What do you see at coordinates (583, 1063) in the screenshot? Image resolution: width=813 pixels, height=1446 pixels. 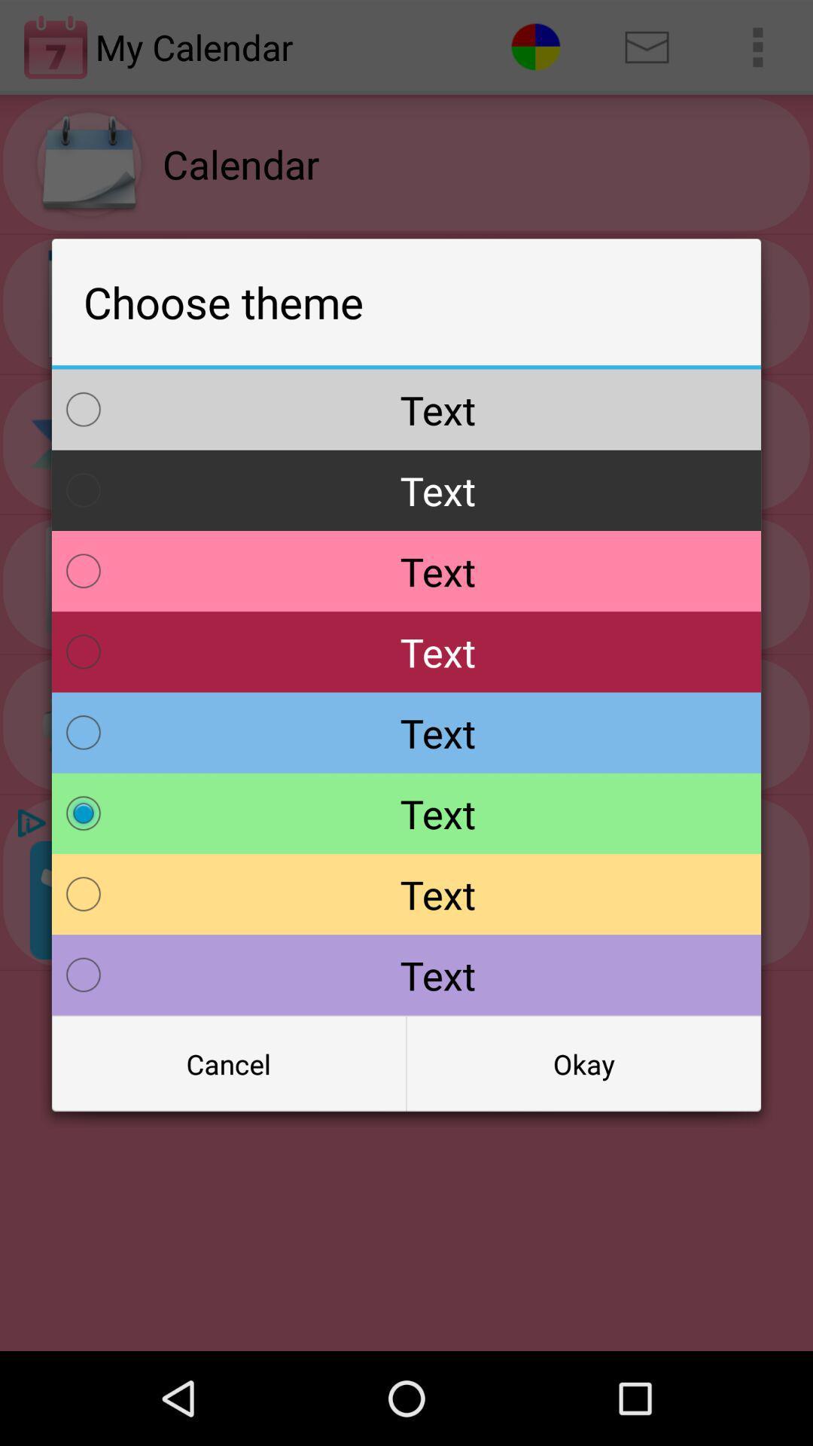 I see `item at the bottom right corner` at bounding box center [583, 1063].